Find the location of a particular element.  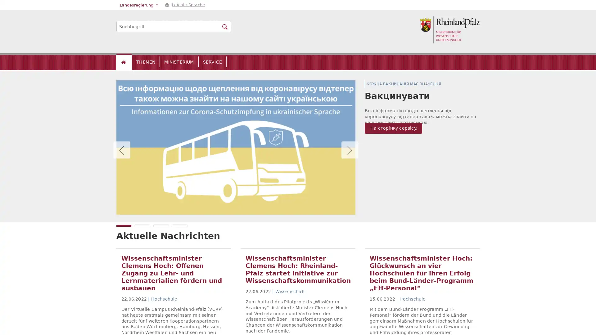

STARTSEITE is located at coordinates (124, 62).